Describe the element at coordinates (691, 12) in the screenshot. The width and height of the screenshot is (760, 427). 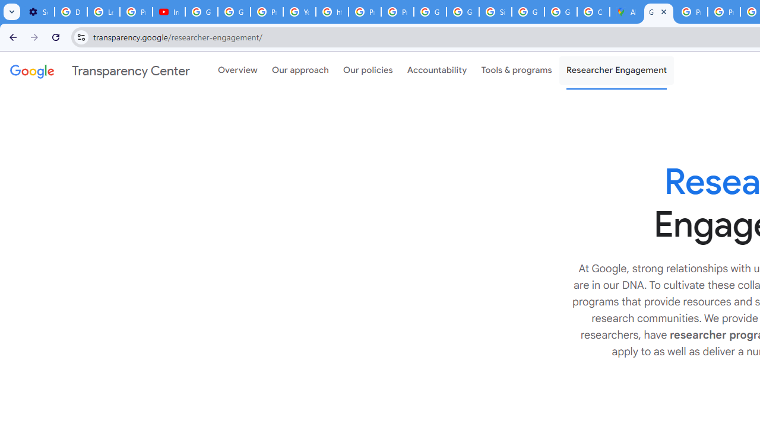
I see `'Privacy Help Center - Policies Help'` at that location.